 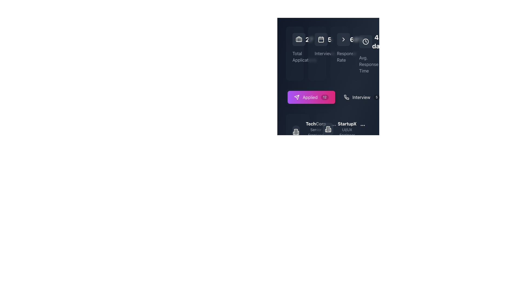 What do you see at coordinates (321, 39) in the screenshot?
I see `the calendar icon, which is the third item in a horizontally aligned group of icons` at bounding box center [321, 39].